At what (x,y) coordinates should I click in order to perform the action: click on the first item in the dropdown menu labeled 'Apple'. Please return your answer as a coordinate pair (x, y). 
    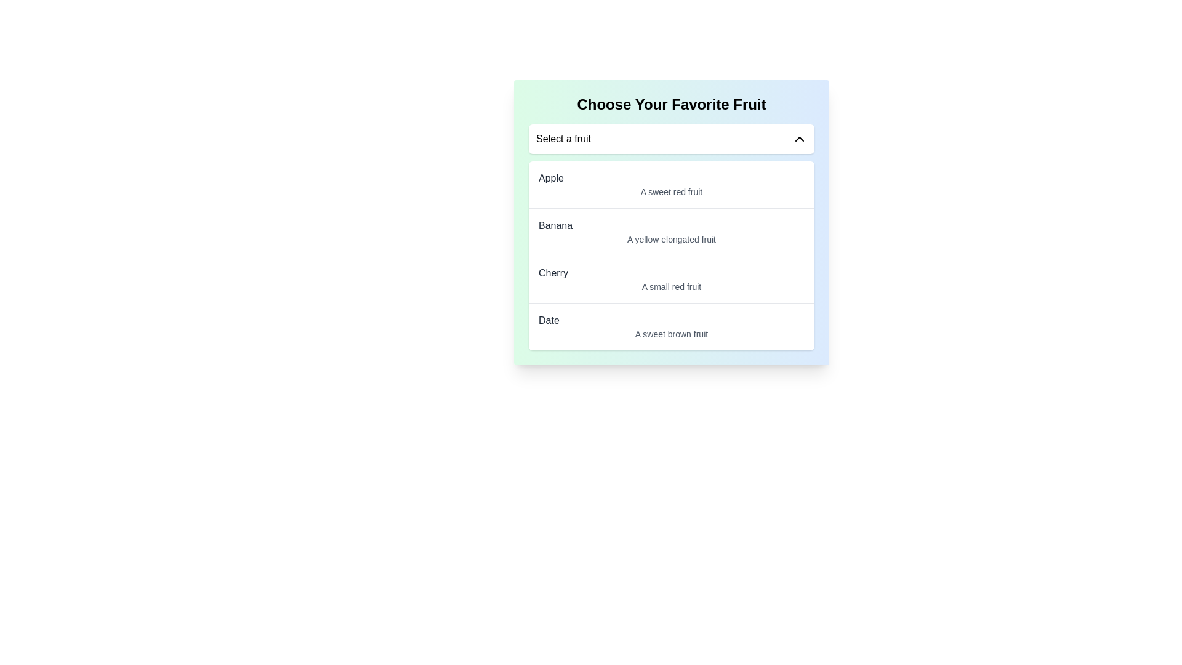
    Looking at the image, I should click on (670, 185).